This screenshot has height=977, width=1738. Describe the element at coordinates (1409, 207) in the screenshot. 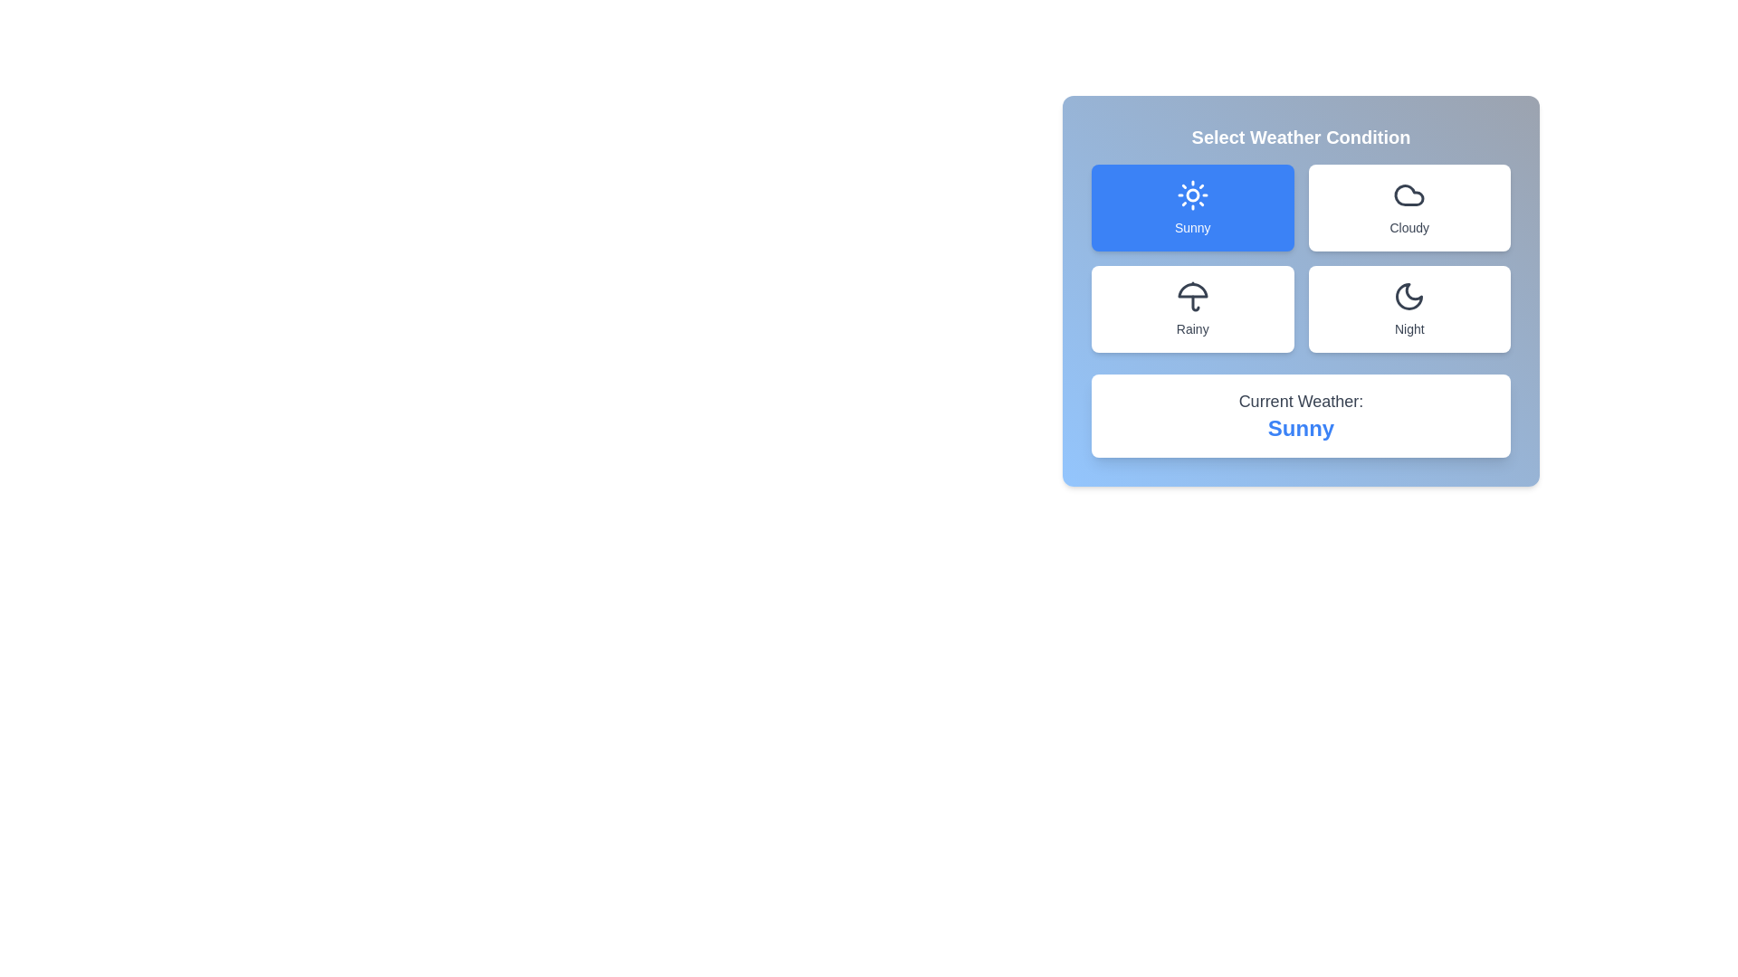

I see `the weather condition Cloudy by clicking the corresponding button` at that location.